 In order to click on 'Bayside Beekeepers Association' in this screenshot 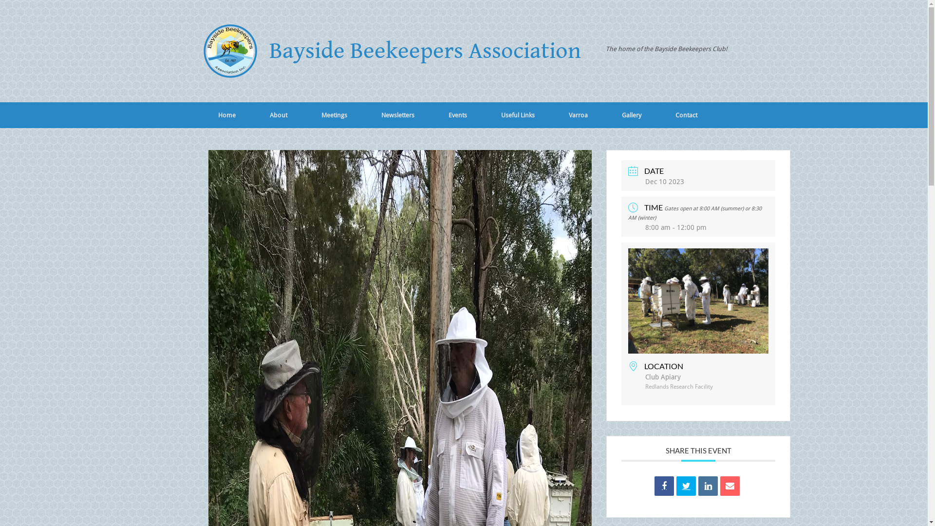, I will do `click(390, 51)`.